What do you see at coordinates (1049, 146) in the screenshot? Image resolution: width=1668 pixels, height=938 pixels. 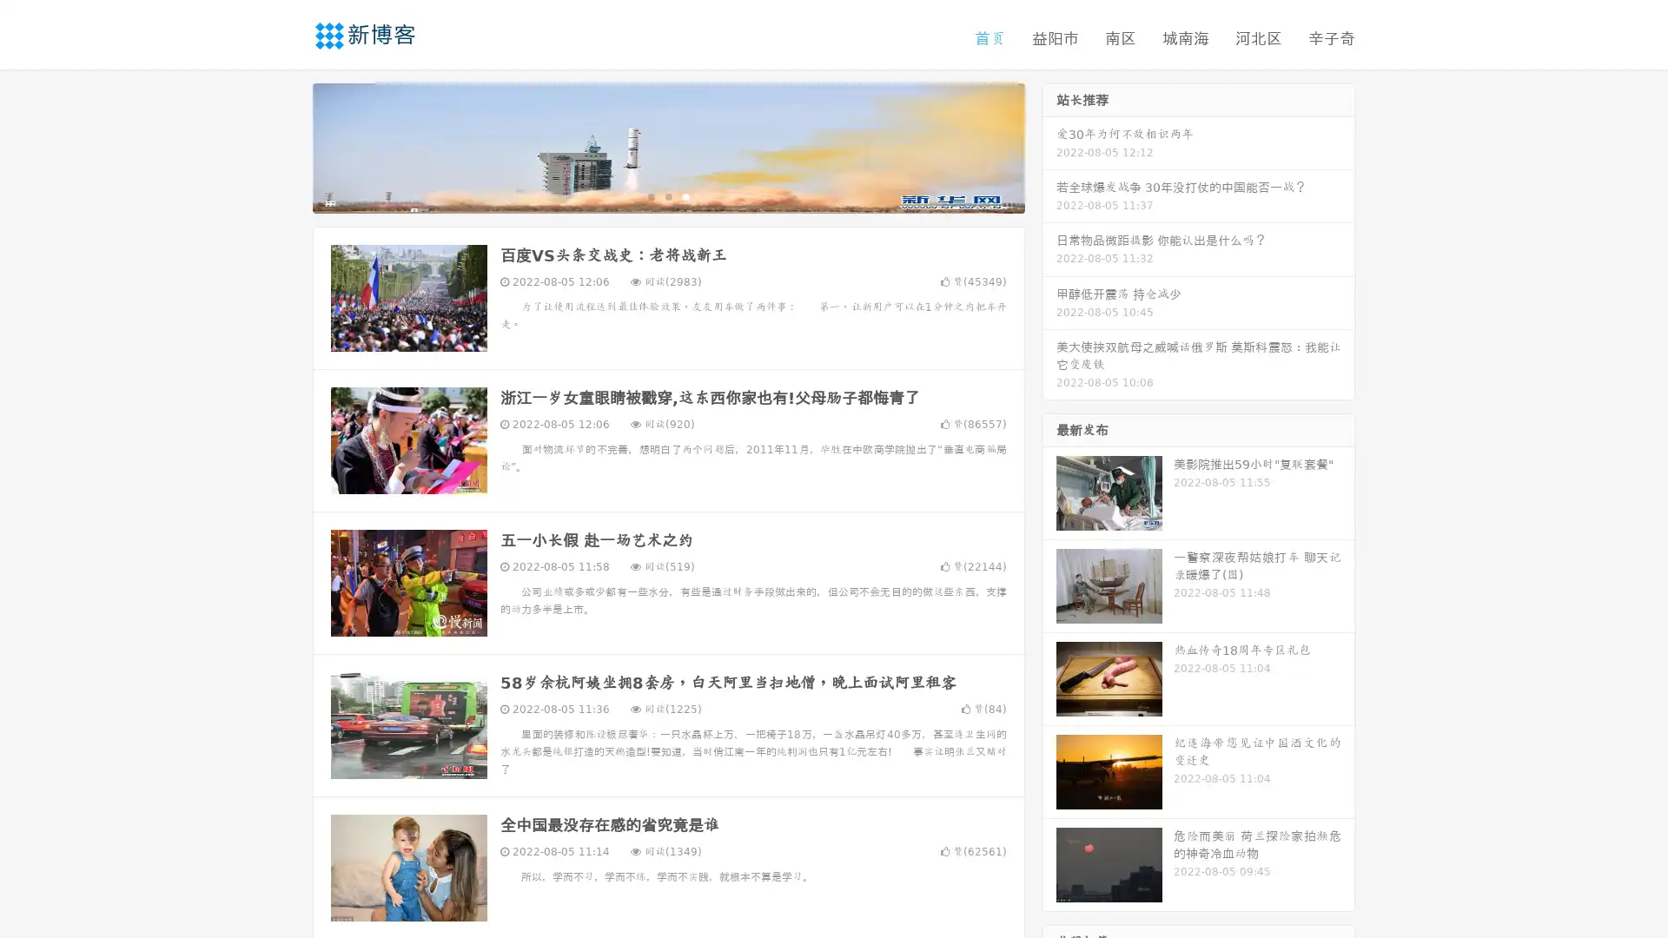 I see `Next slide` at bounding box center [1049, 146].